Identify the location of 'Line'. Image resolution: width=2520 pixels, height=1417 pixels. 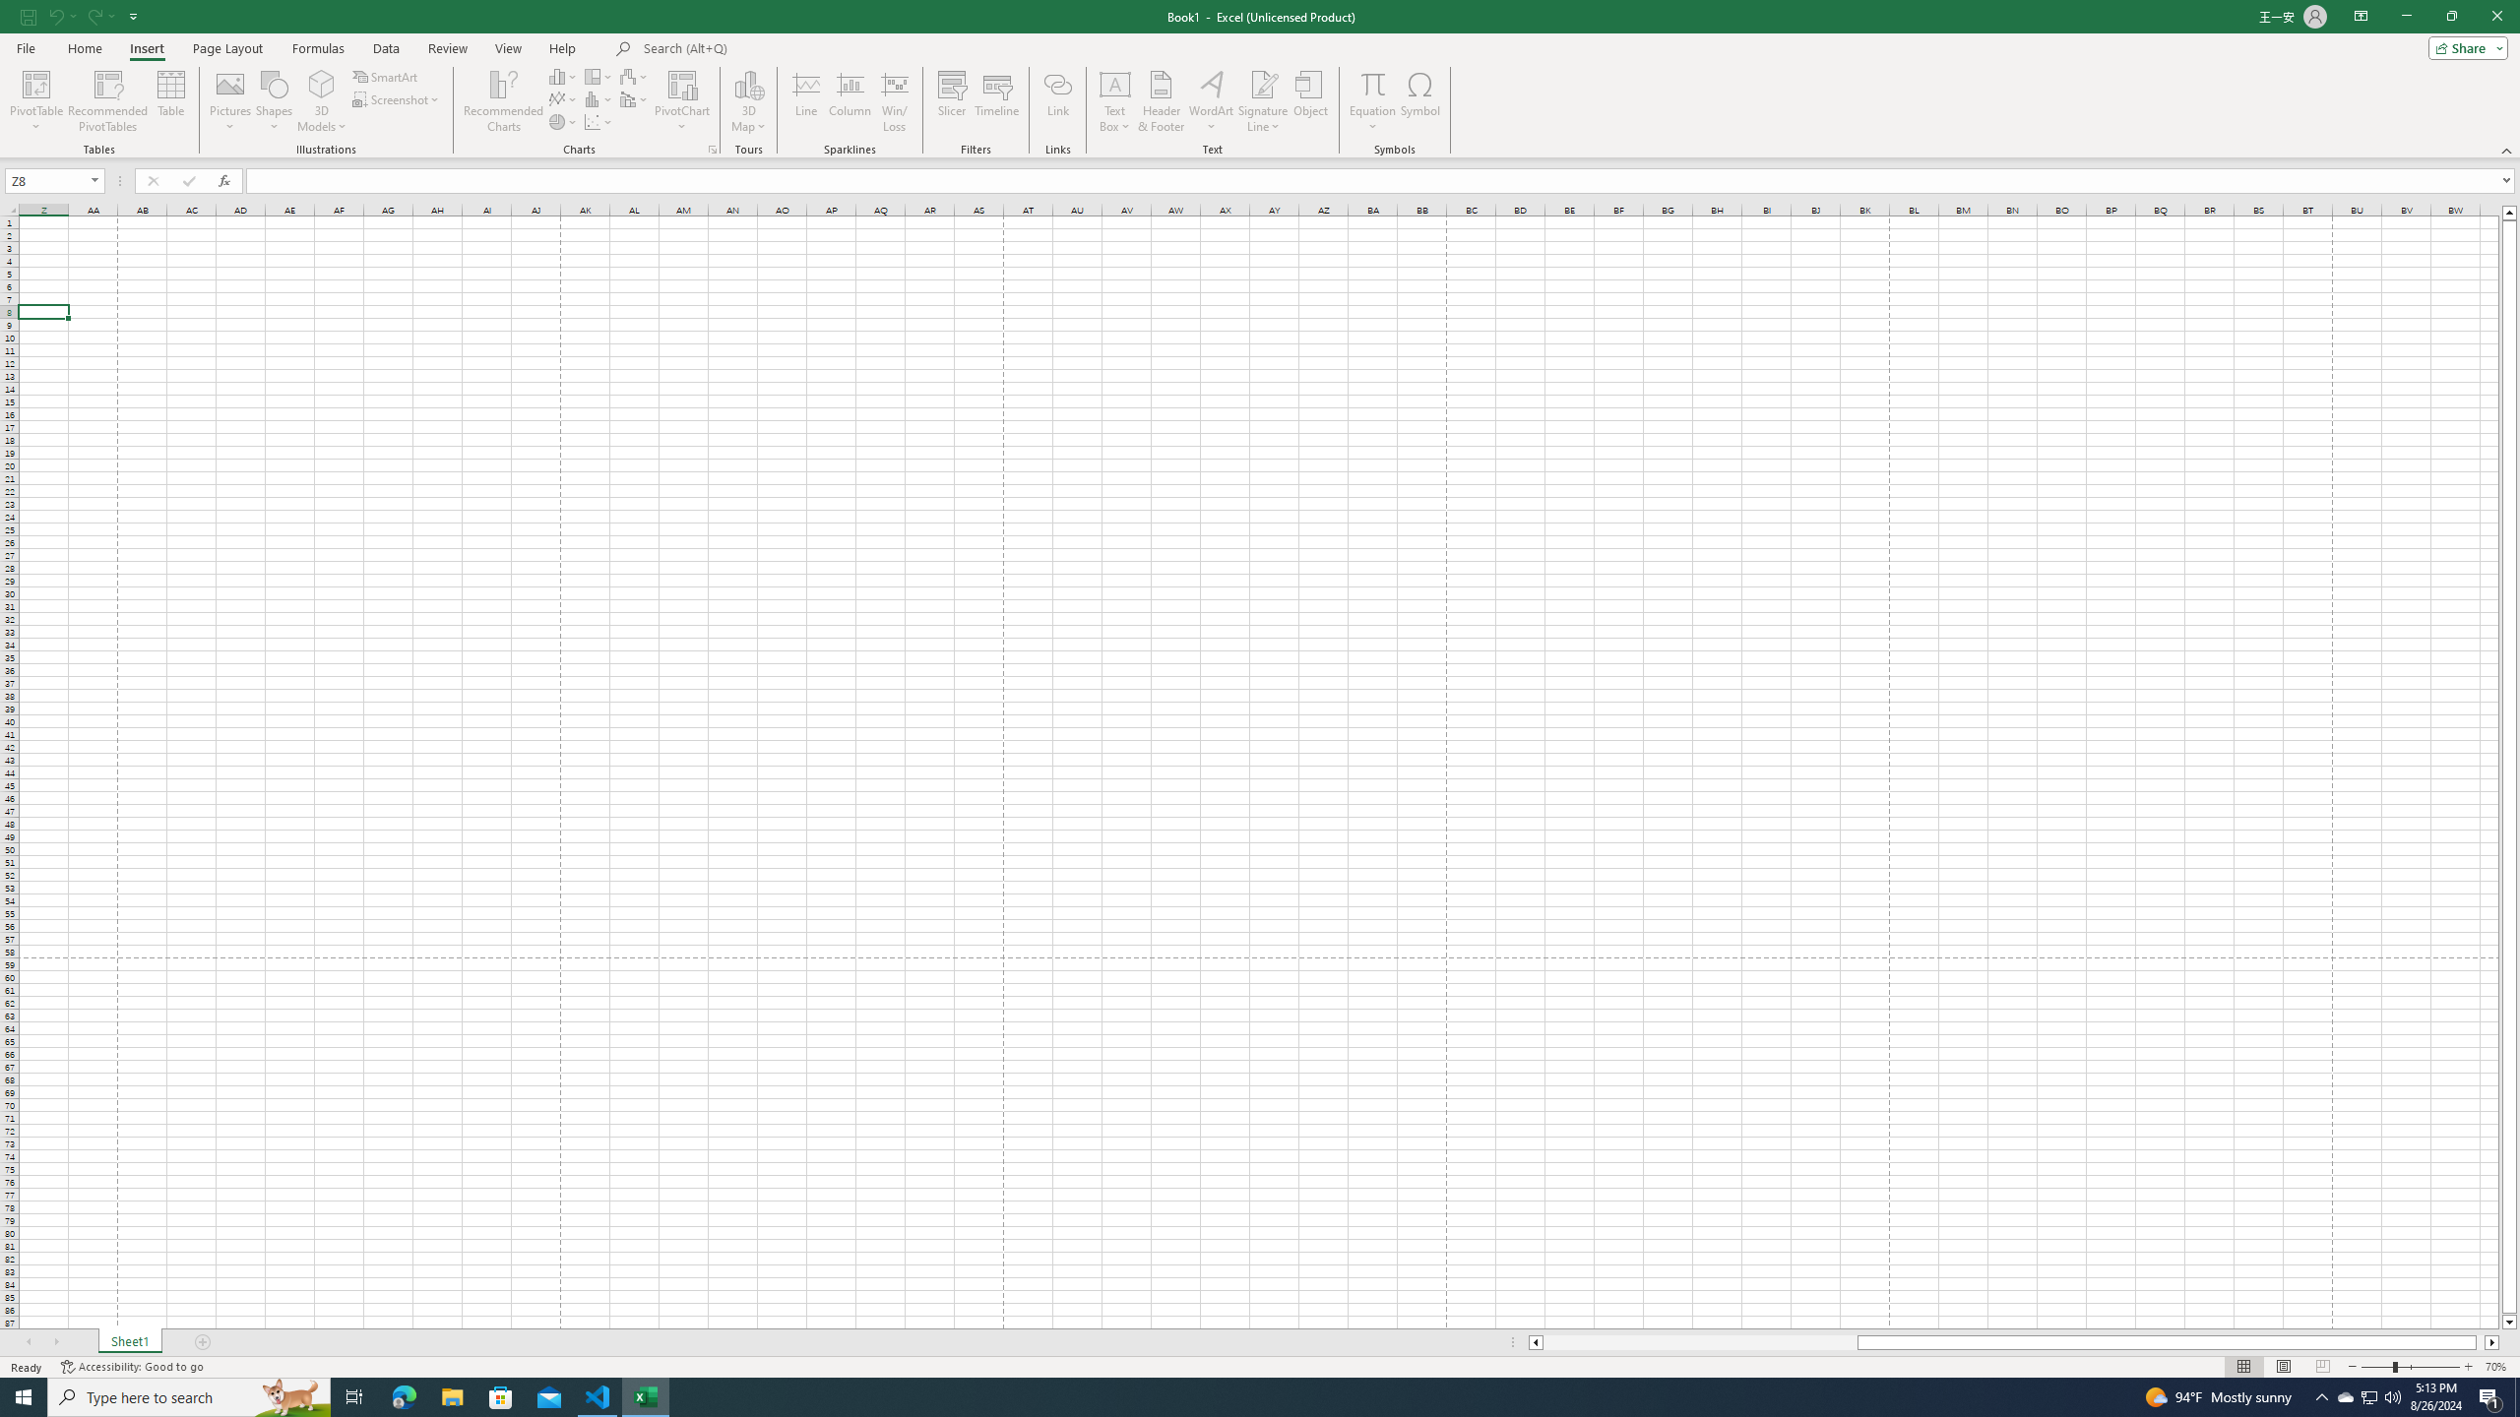
(806, 101).